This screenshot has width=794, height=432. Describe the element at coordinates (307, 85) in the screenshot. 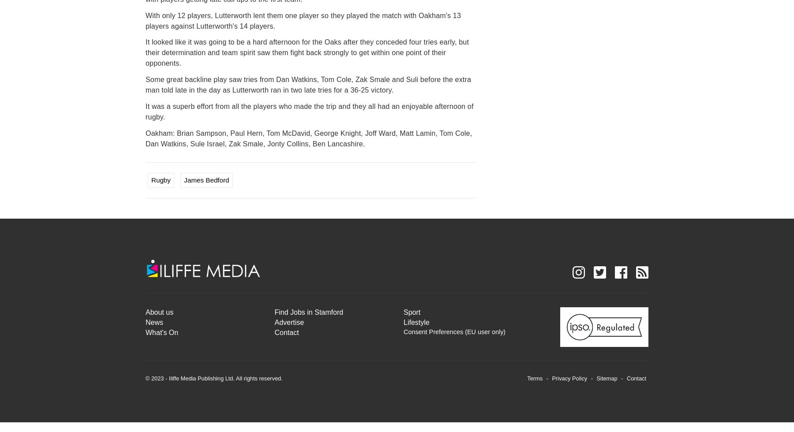

I see `'Some great backline play saw tries from Dan Watkins, Tom Cole, Zak Smale and Suli before the extra man told late in the day as Lutterworth ran in two late tries for a 36-25 victory.'` at that location.